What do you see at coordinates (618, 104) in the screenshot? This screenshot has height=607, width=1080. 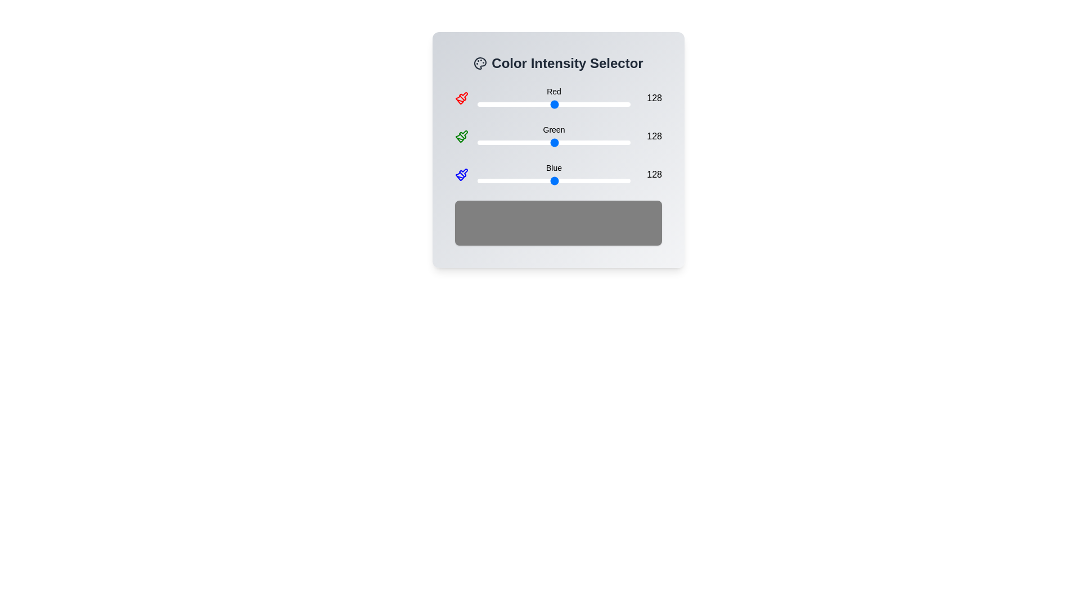 I see `the red intensity` at bounding box center [618, 104].